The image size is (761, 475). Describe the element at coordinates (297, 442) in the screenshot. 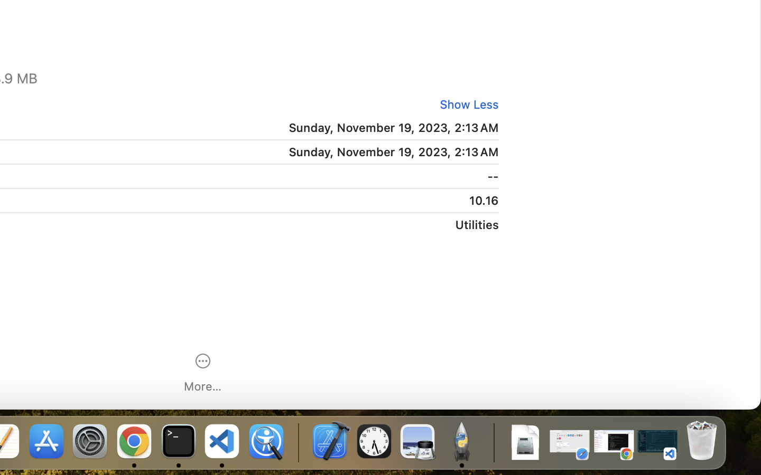

I see `'0.4285714328289032'` at that location.